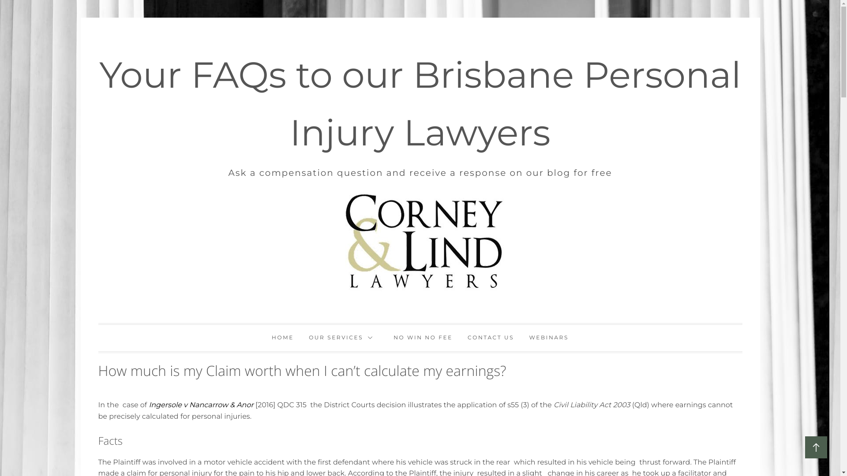 The width and height of the screenshot is (847, 476). I want to click on 'HOME', so click(264, 338).